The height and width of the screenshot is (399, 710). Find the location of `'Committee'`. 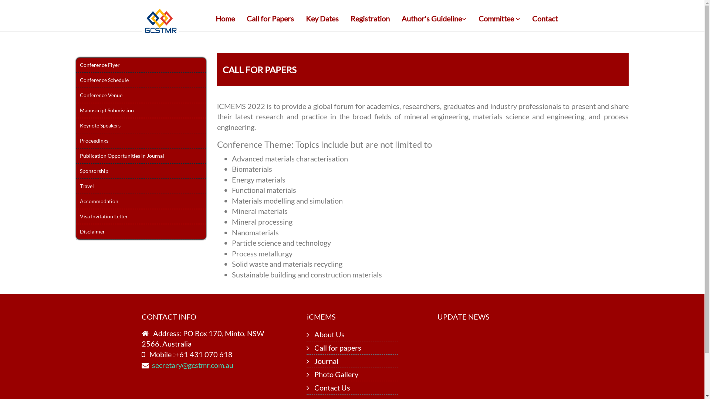

'Committee' is located at coordinates (499, 18).